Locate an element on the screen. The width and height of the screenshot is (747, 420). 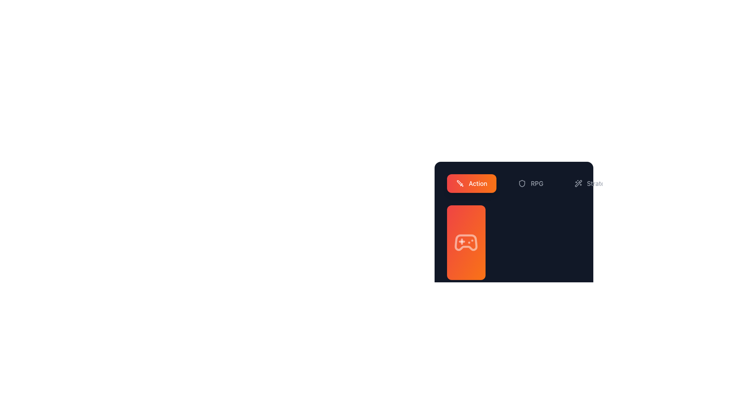
the text label displaying 'RPG' is located at coordinates (537, 183).